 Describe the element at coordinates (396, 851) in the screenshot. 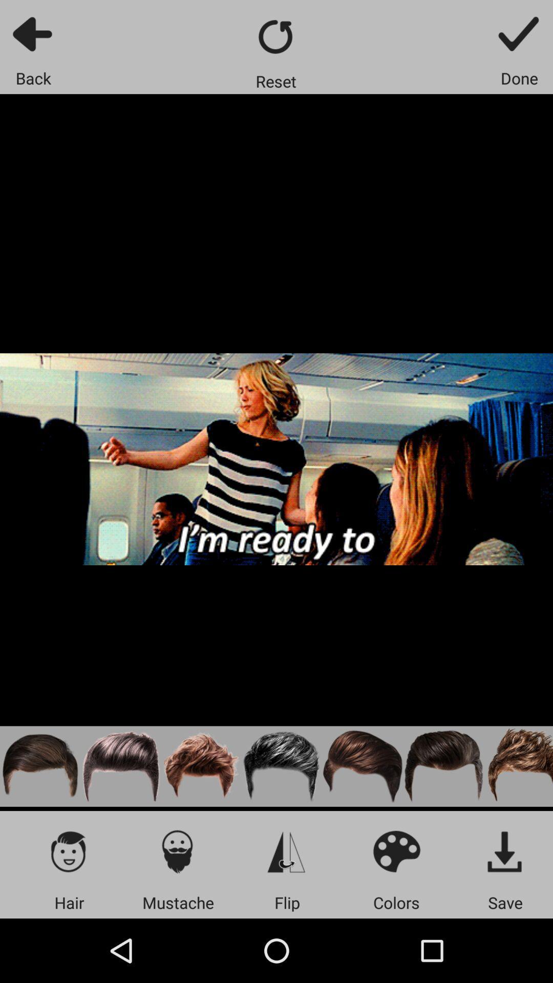

I see `change color` at that location.